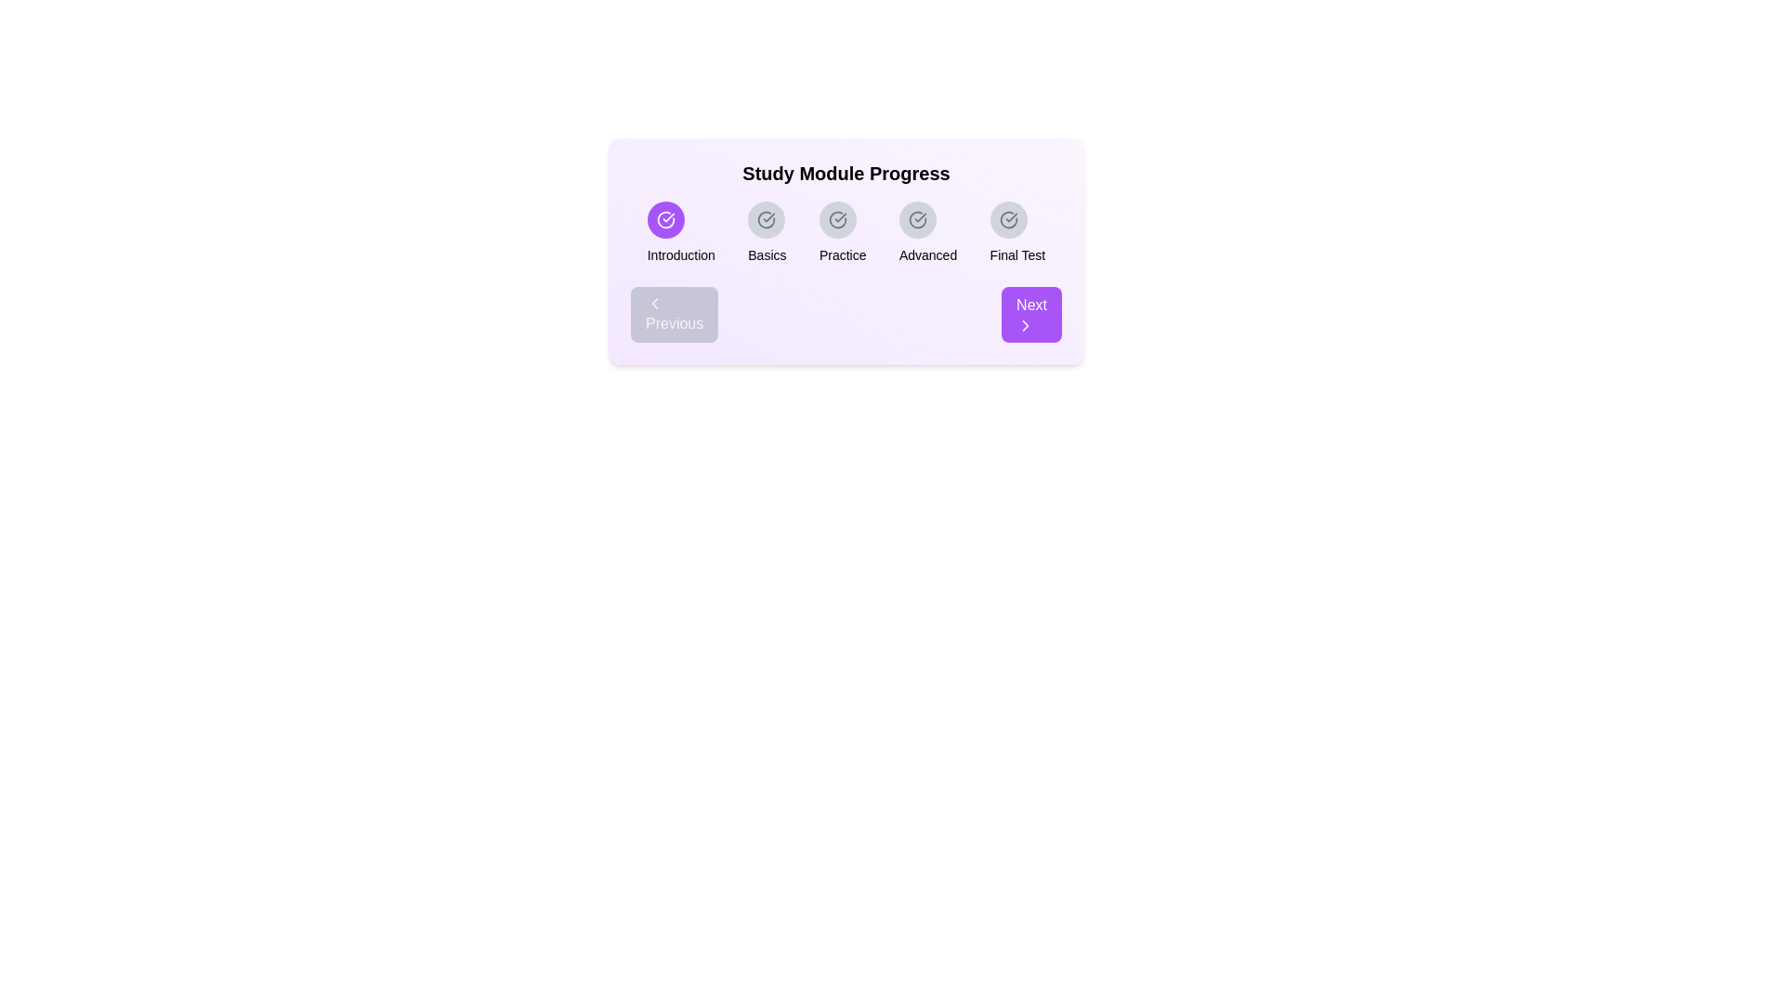  Describe the element at coordinates (842, 254) in the screenshot. I see `text label that identifies the section in the progress tracker, which is the third item in a horizontal series of text labels, positioned under its corresponding circular icon` at that location.